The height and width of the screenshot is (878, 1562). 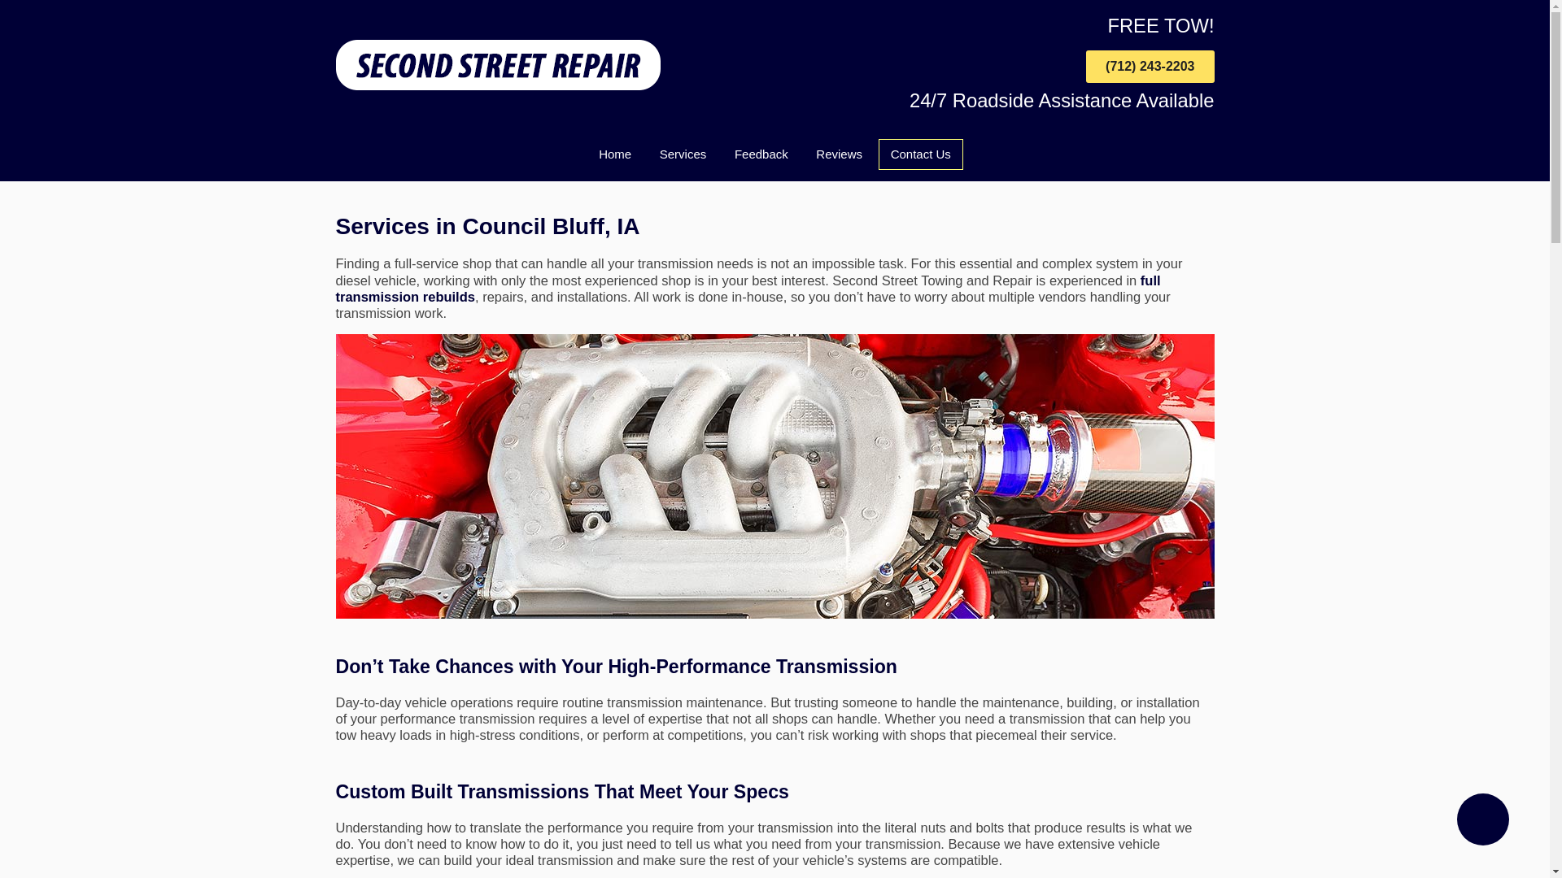 What do you see at coordinates (761, 154) in the screenshot?
I see `'Feedback'` at bounding box center [761, 154].